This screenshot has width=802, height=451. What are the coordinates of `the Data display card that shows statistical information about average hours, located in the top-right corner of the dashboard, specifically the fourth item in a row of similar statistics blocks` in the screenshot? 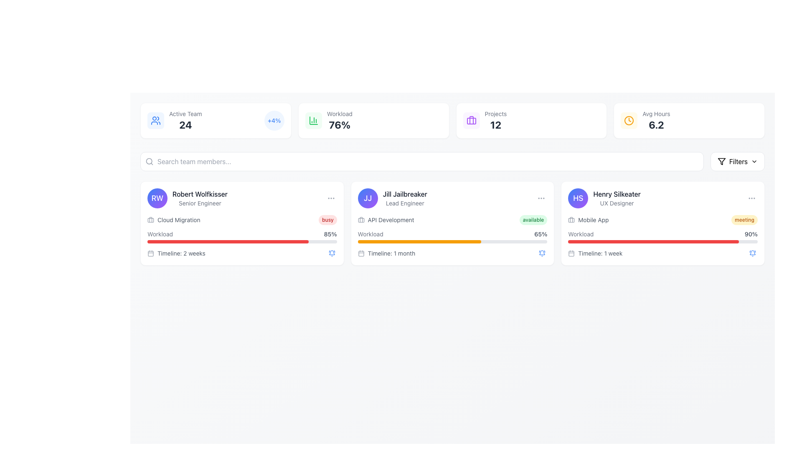 It's located at (645, 121).